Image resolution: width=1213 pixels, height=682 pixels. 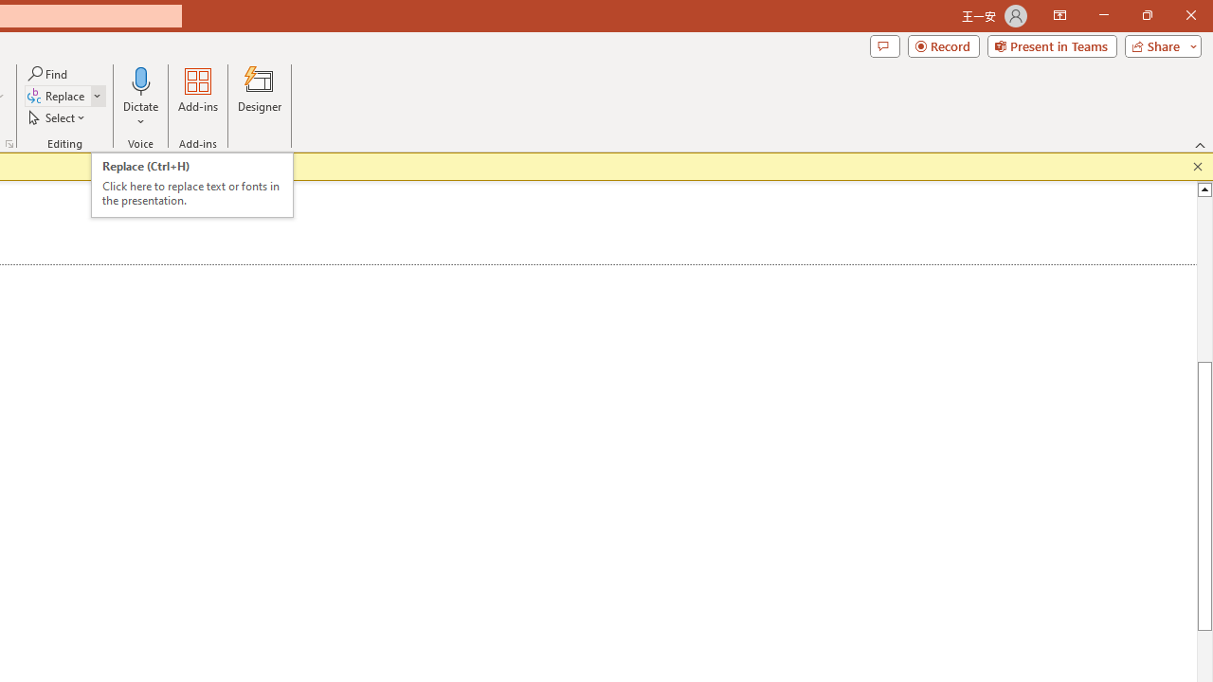 What do you see at coordinates (1197, 166) in the screenshot?
I see `'Close this message'` at bounding box center [1197, 166].